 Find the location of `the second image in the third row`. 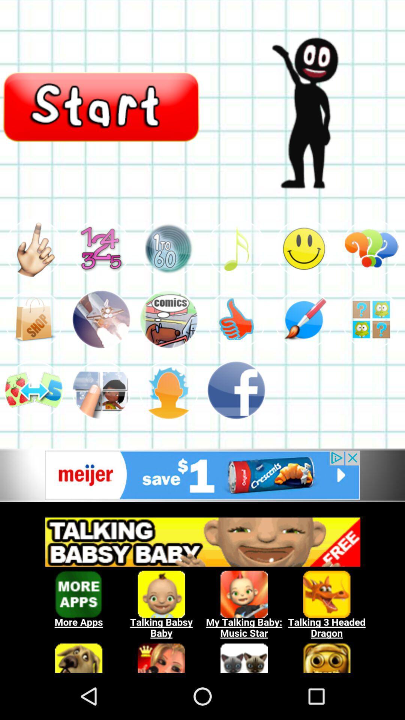

the second image in the third row is located at coordinates (101, 390).